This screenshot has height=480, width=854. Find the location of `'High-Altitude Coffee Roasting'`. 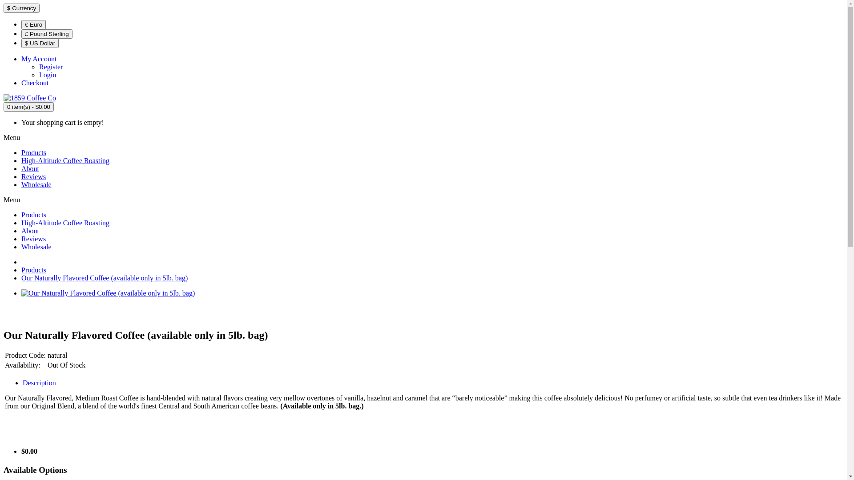

'High-Altitude Coffee Roasting' is located at coordinates (65, 222).